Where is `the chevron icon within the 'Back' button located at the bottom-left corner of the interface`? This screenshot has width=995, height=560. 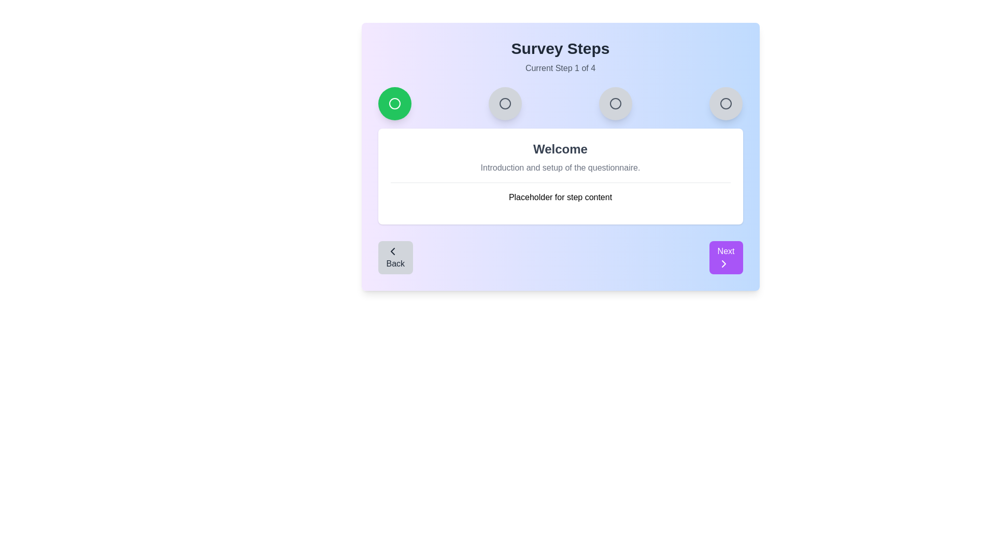
the chevron icon within the 'Back' button located at the bottom-left corner of the interface is located at coordinates (392, 251).